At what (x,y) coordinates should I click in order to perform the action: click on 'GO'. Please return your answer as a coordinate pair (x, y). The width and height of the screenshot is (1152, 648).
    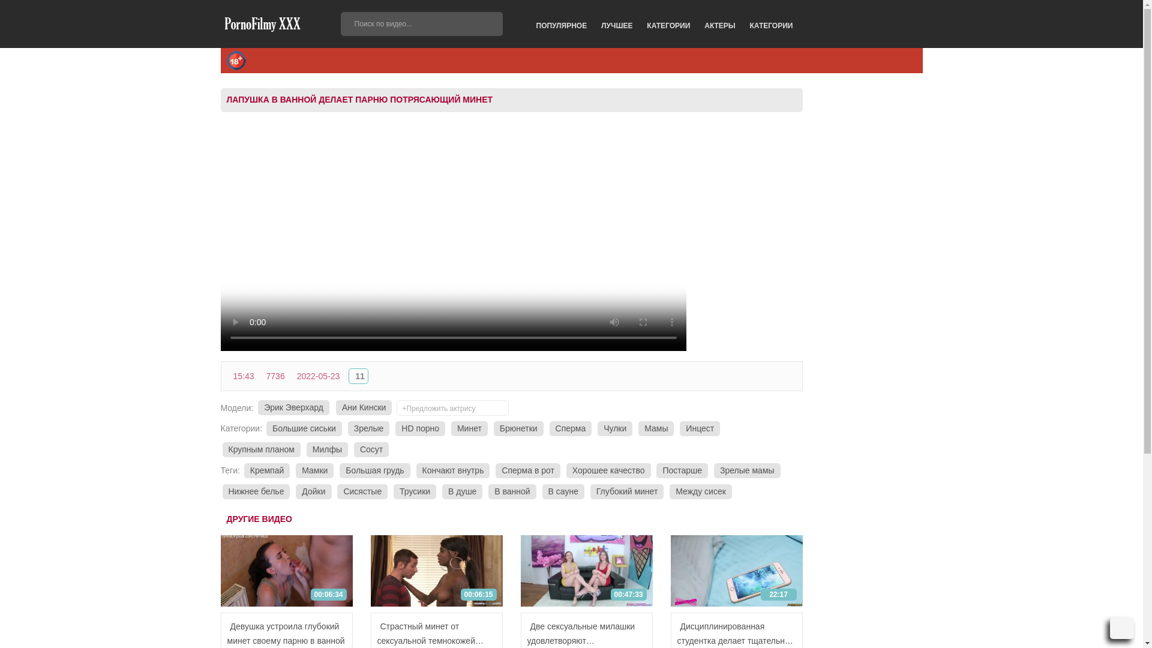
    Looking at the image, I should click on (490, 23).